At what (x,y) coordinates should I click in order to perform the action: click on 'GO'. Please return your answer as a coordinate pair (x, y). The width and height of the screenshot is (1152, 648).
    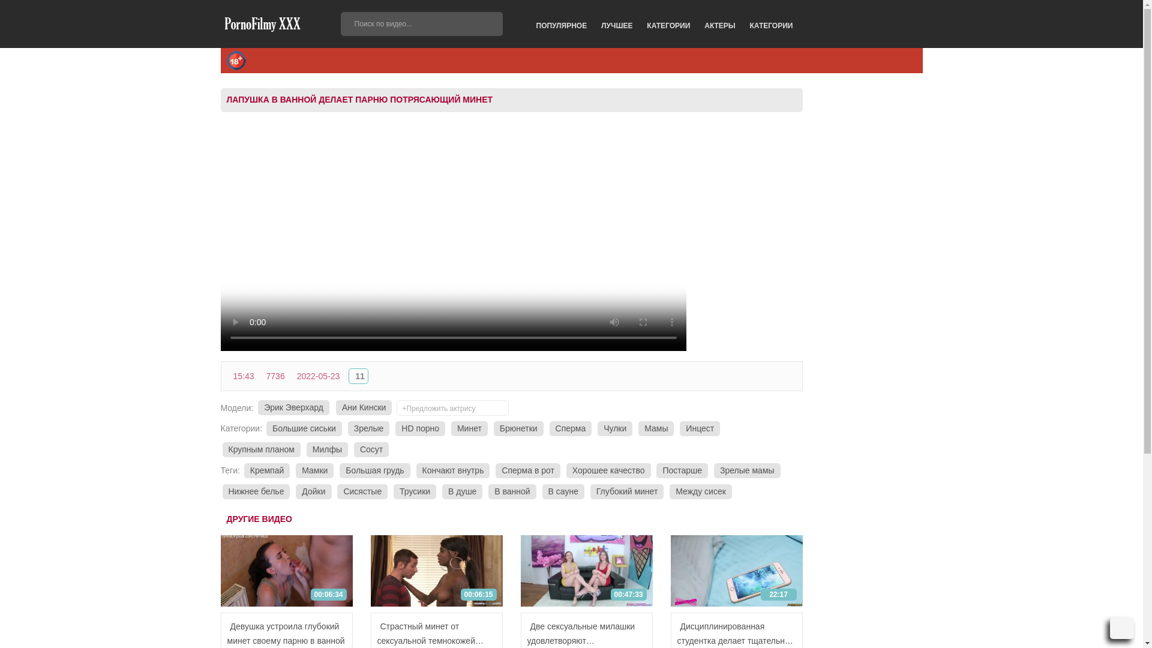
    Looking at the image, I should click on (490, 23).